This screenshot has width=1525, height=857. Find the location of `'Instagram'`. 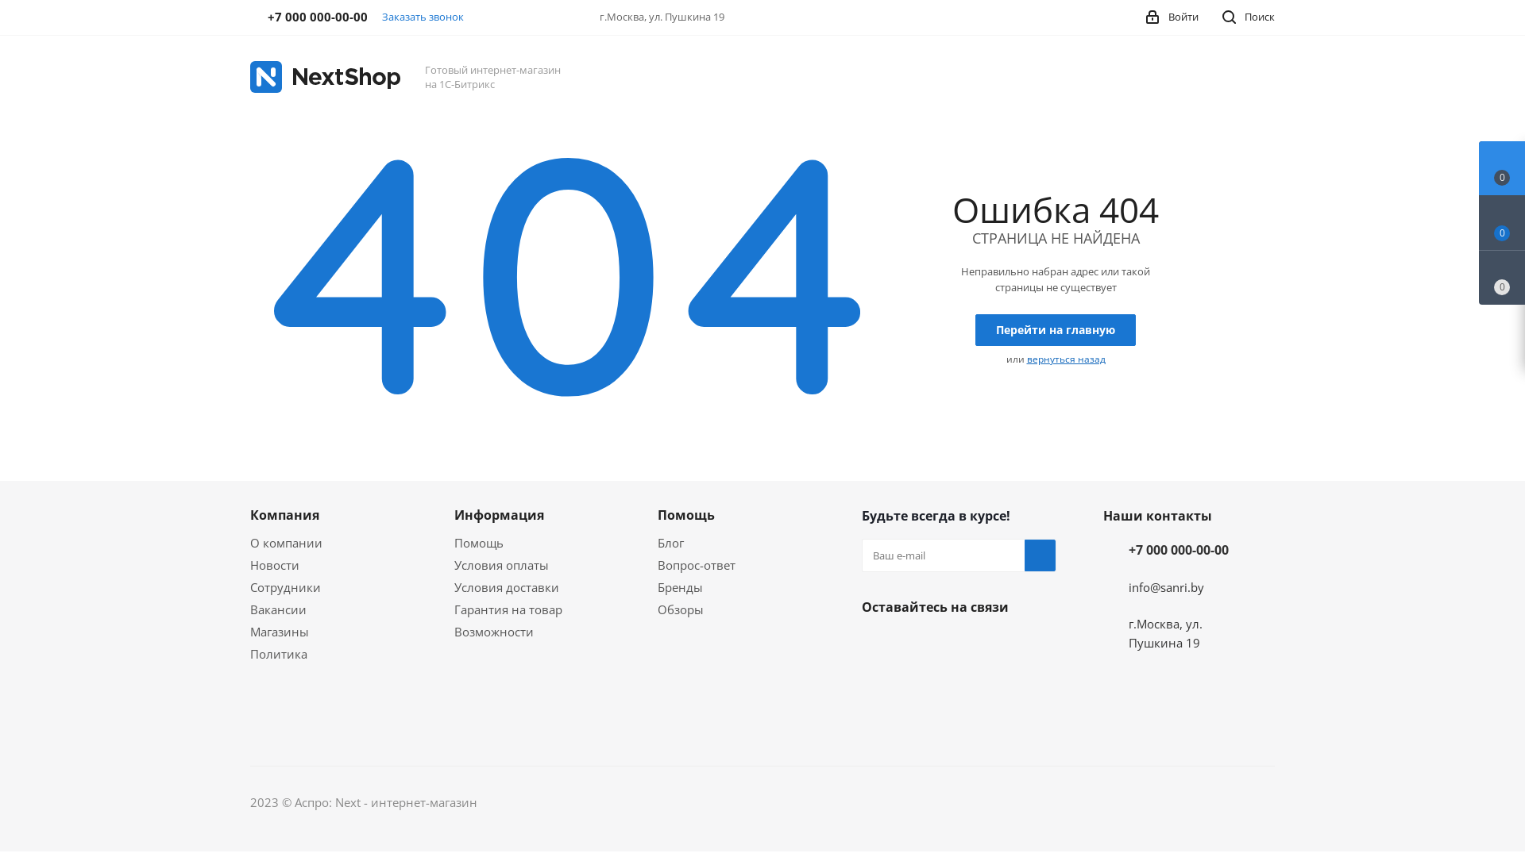

'Instagram' is located at coordinates (995, 644).